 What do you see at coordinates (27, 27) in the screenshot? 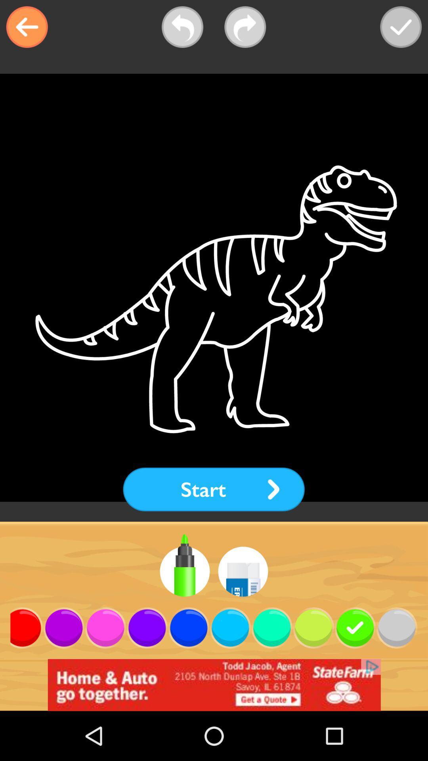
I see `go back` at bounding box center [27, 27].